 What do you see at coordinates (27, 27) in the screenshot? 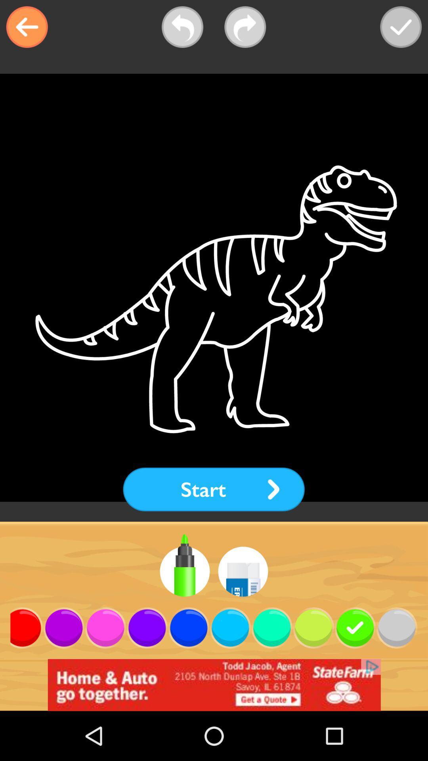
I see `go back` at bounding box center [27, 27].